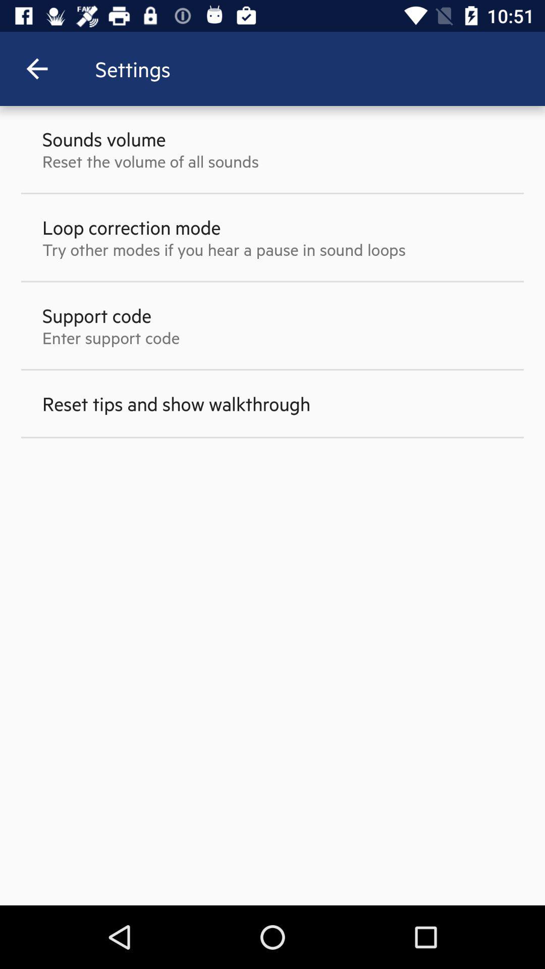  I want to click on the item below the sounds volume icon, so click(150, 160).